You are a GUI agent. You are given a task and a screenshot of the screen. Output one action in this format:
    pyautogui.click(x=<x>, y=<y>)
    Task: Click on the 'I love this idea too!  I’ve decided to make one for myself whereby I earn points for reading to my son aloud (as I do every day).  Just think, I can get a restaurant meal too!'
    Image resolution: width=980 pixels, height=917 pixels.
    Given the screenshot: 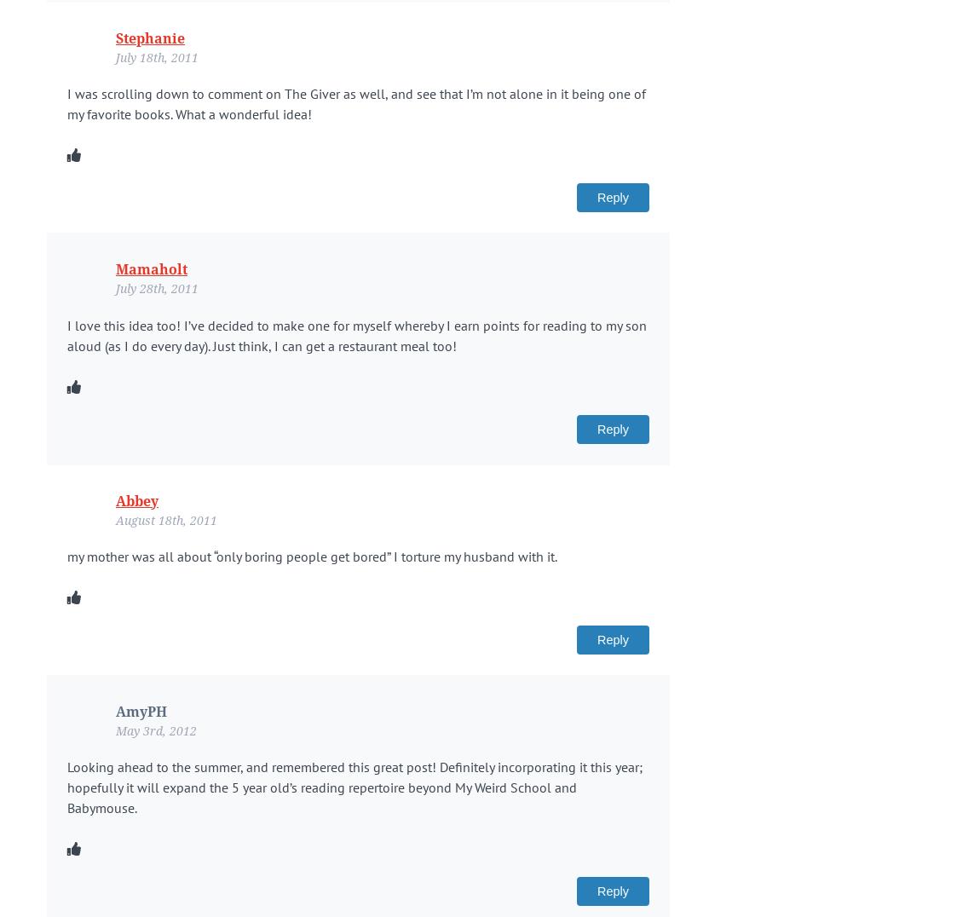 What is the action you would take?
    pyautogui.click(x=356, y=333)
    